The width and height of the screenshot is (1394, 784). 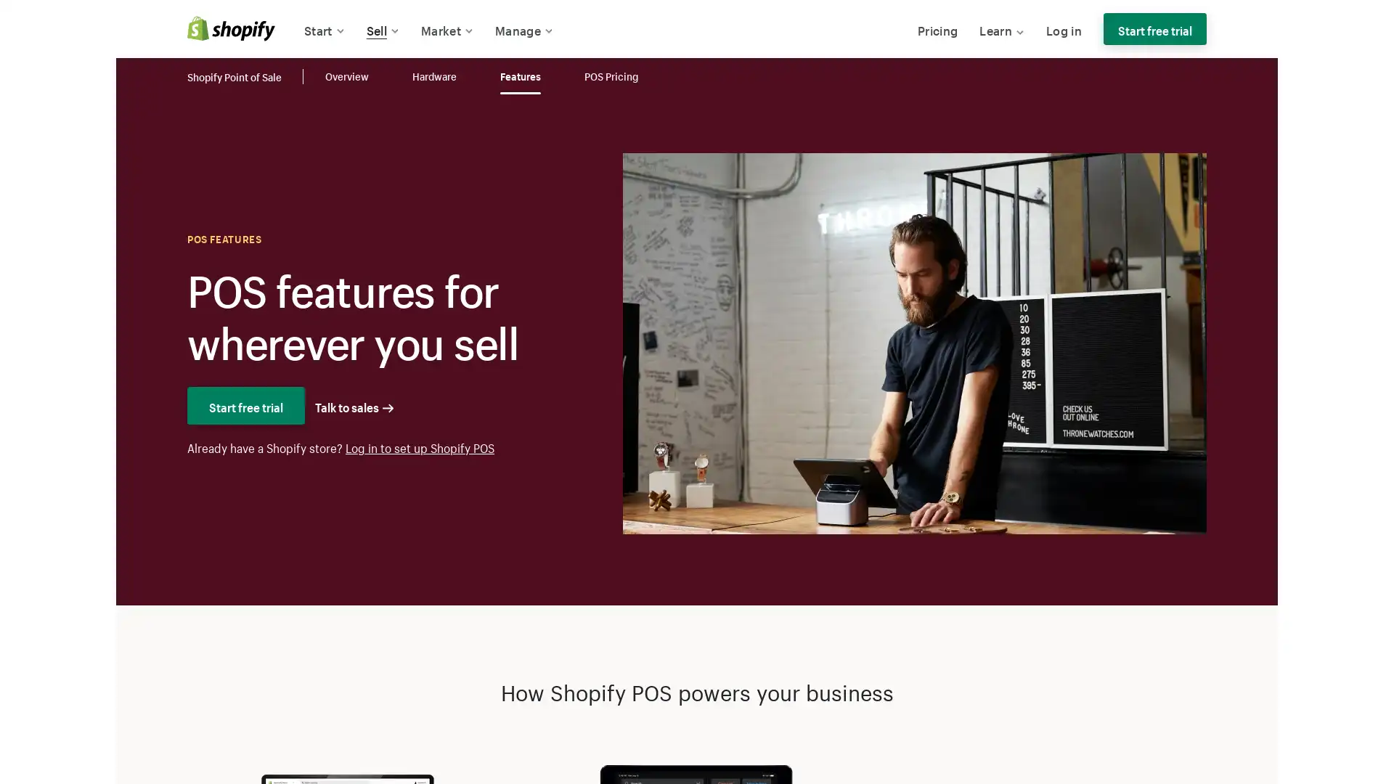 What do you see at coordinates (1154, 28) in the screenshot?
I see `Start free trial` at bounding box center [1154, 28].